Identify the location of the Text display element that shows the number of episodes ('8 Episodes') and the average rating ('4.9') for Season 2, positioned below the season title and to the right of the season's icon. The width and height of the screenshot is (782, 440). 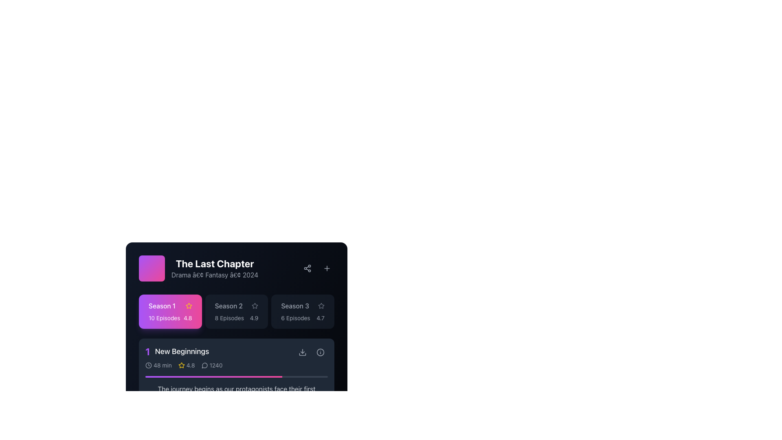
(236, 317).